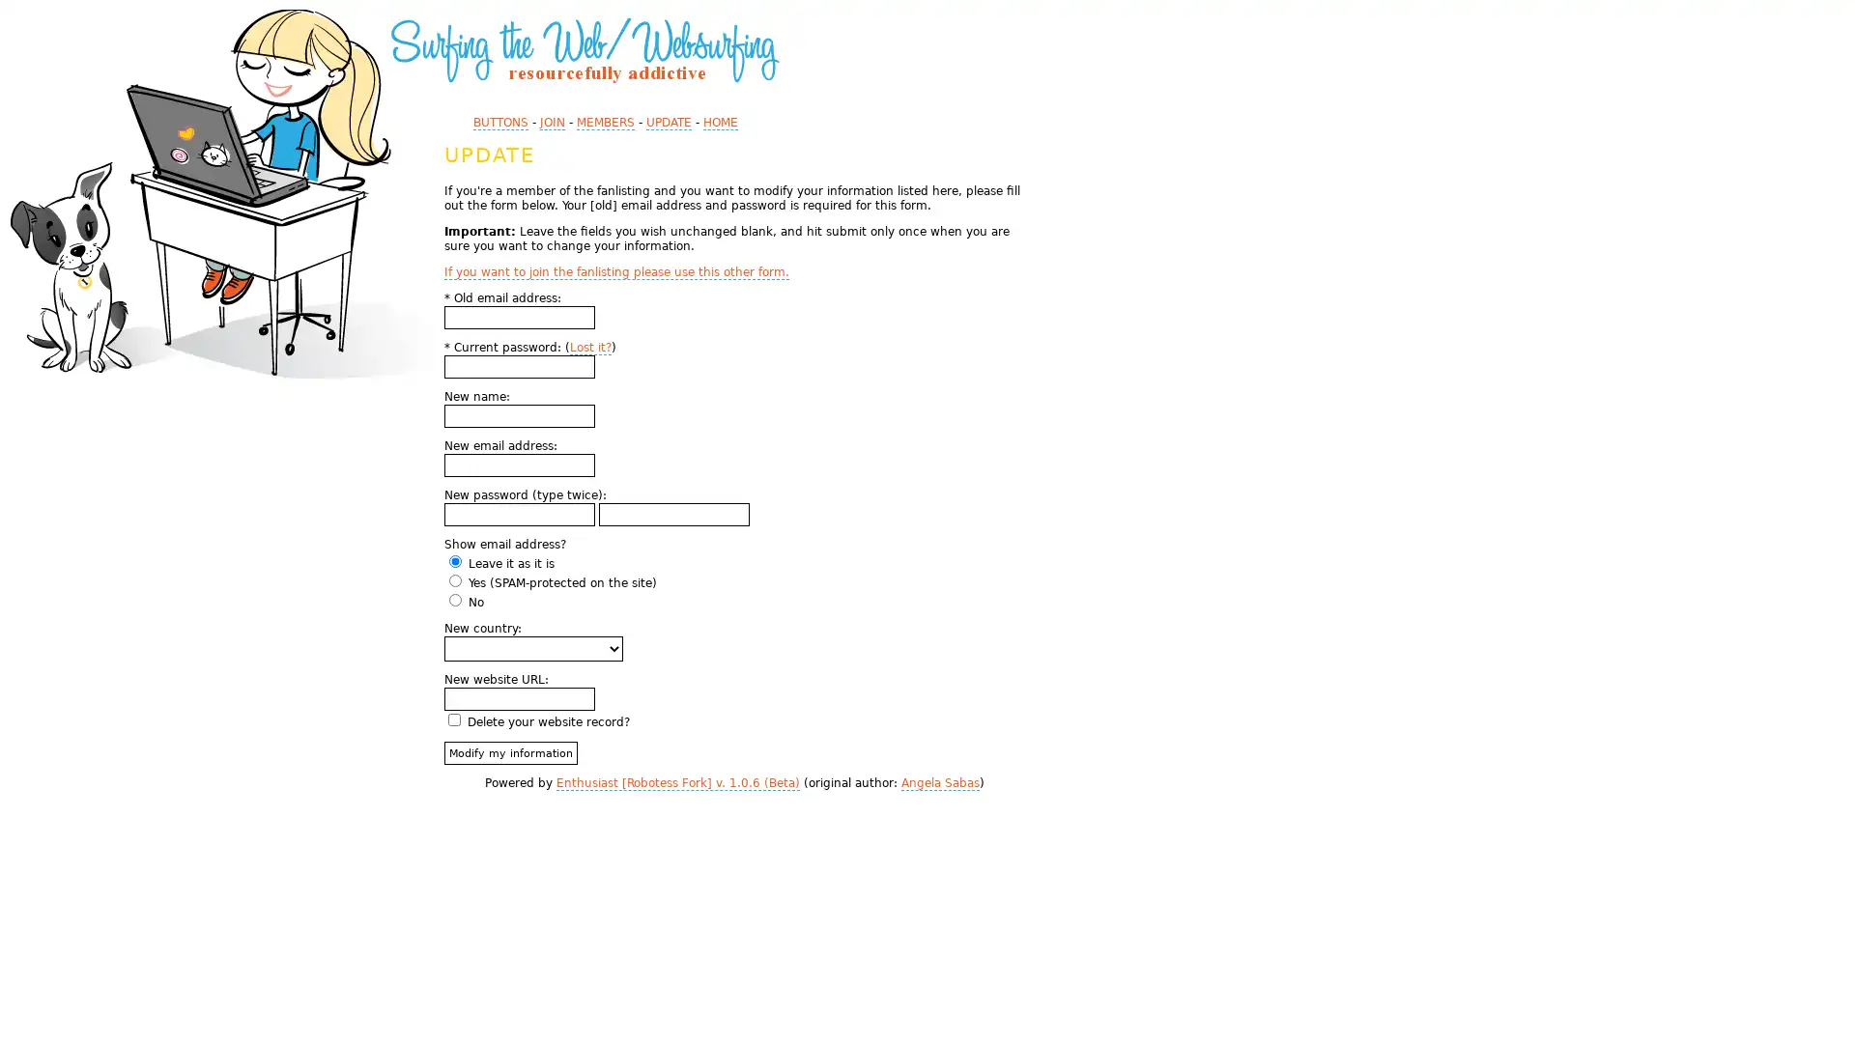 The image size is (1855, 1043). What do you see at coordinates (510, 751) in the screenshot?
I see `Modify my information` at bounding box center [510, 751].